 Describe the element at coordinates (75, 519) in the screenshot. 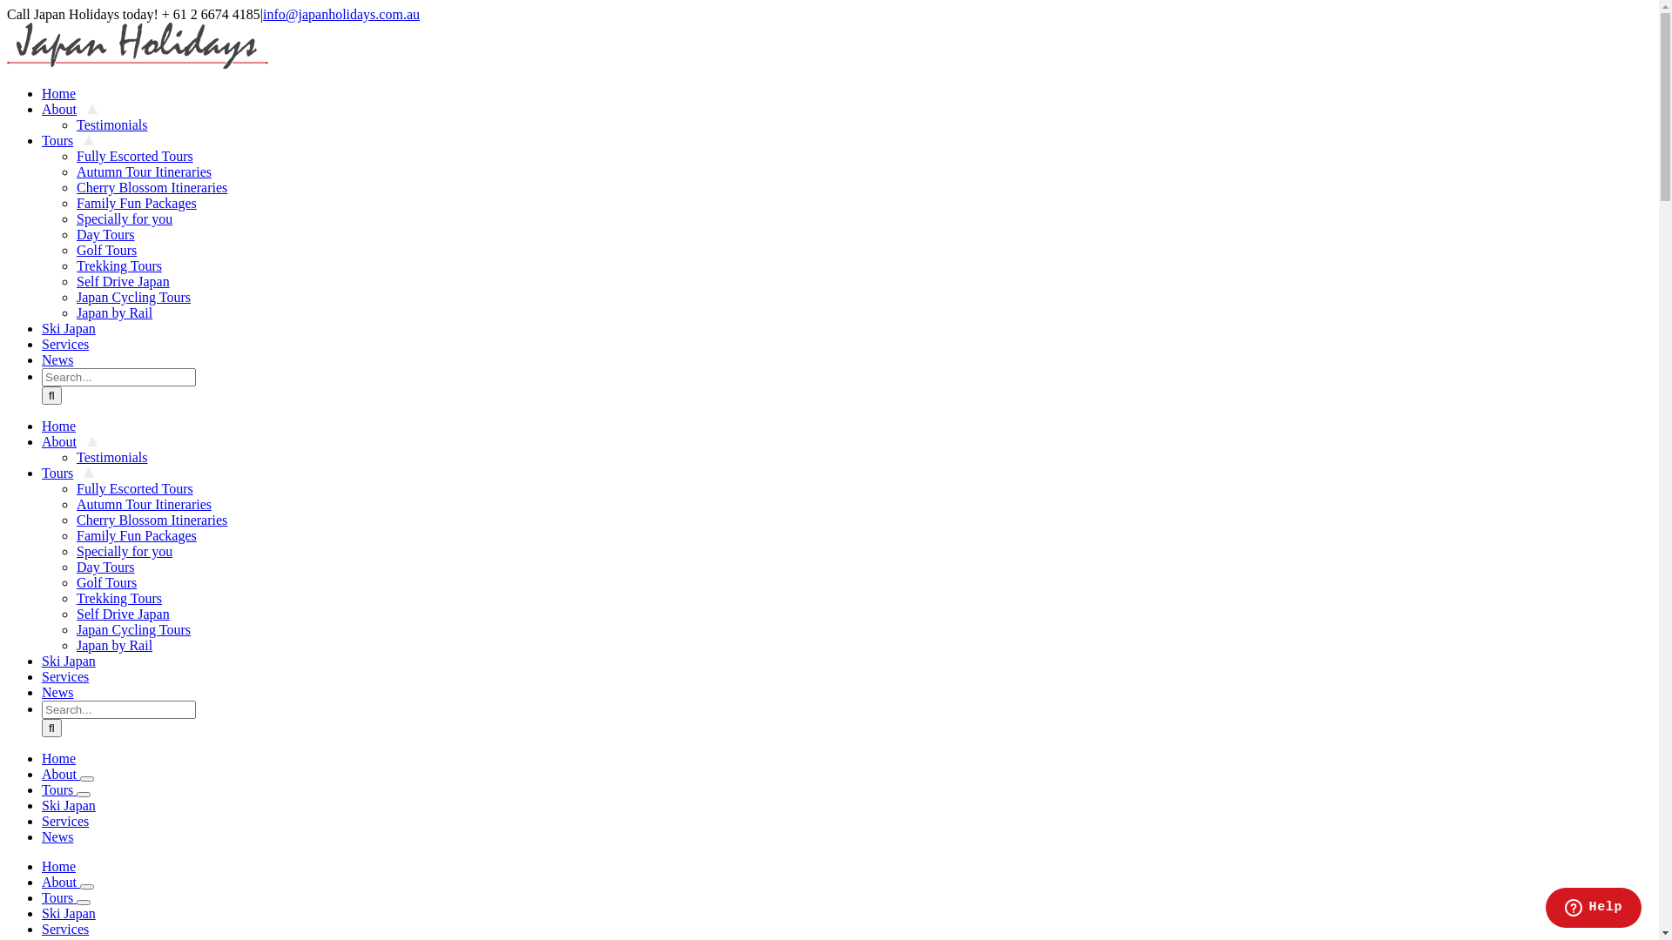

I see `'Cherry Blossom Itineraries'` at that location.